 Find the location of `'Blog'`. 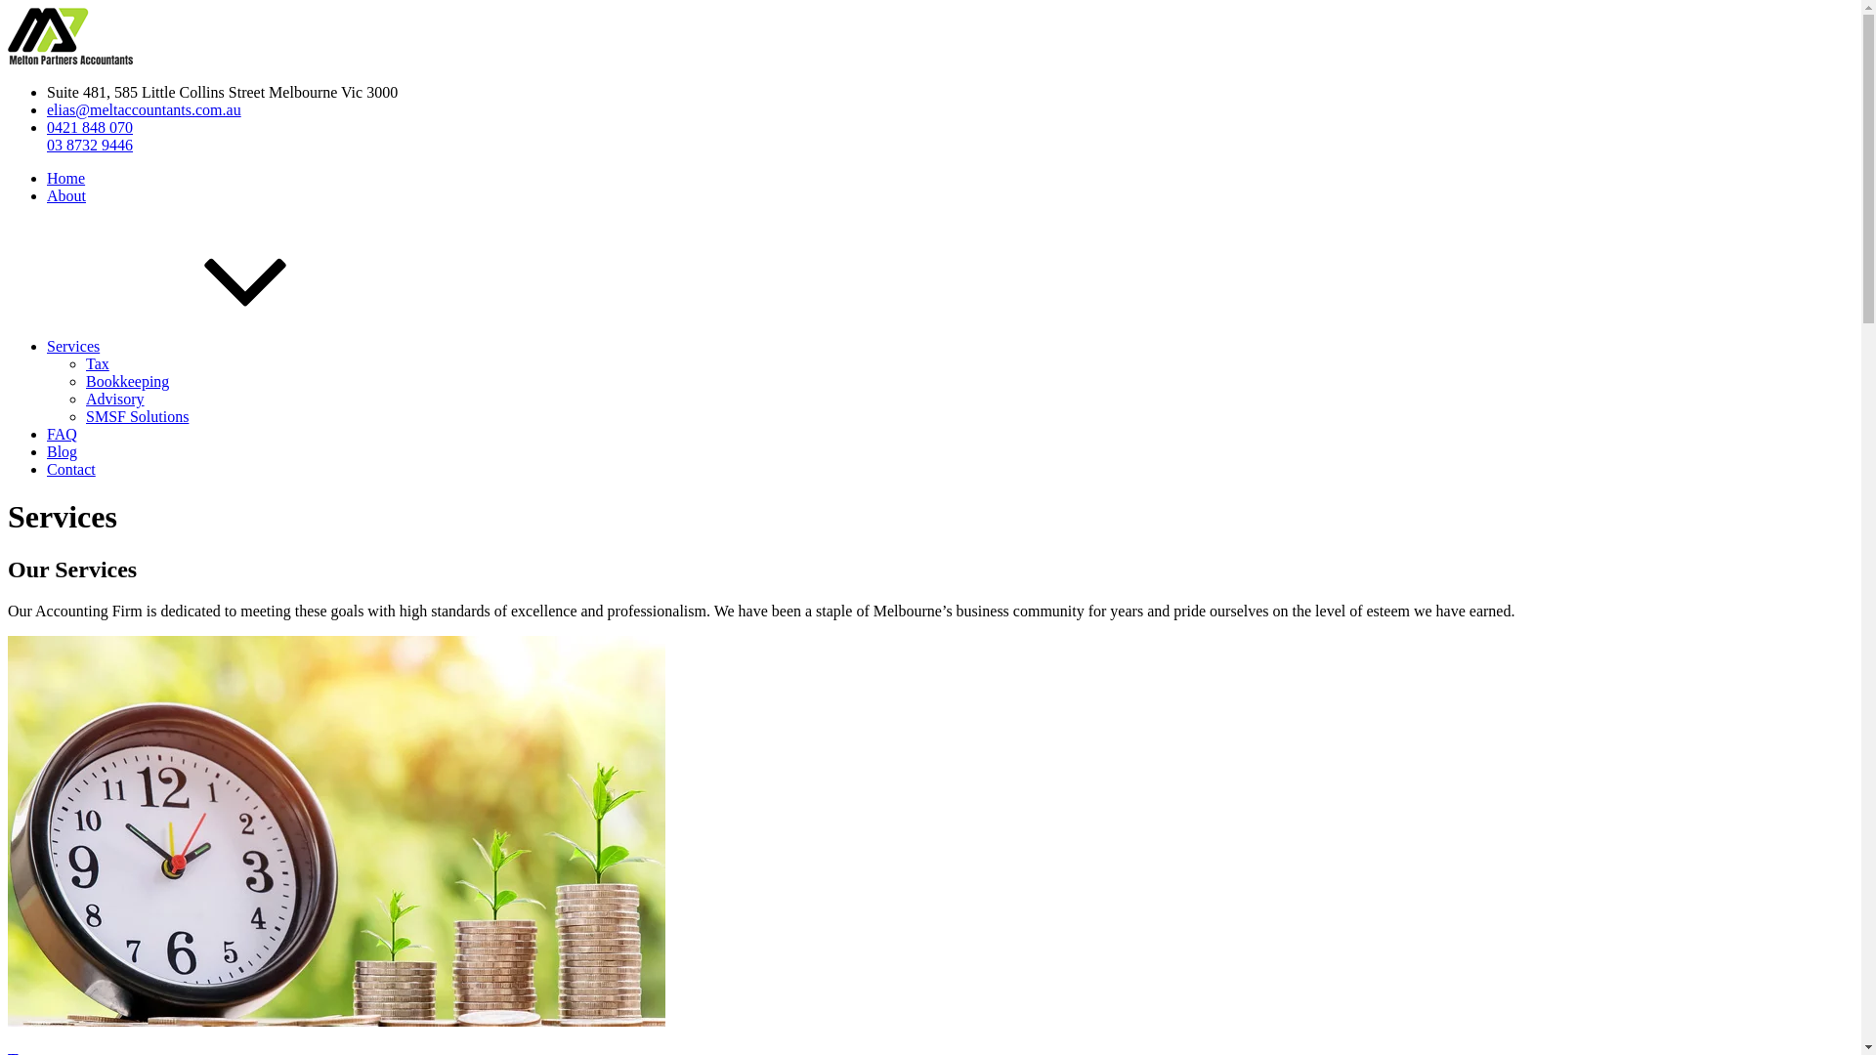

'Blog' is located at coordinates (62, 451).